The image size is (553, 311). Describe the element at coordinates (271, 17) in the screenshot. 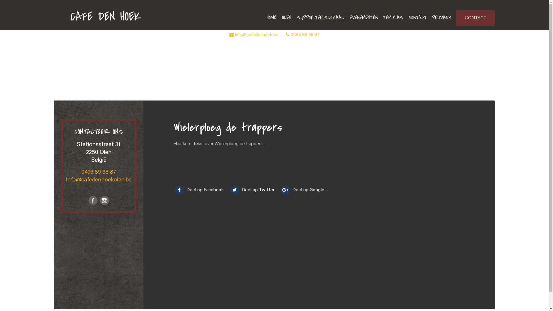

I see `'HOME'` at that location.